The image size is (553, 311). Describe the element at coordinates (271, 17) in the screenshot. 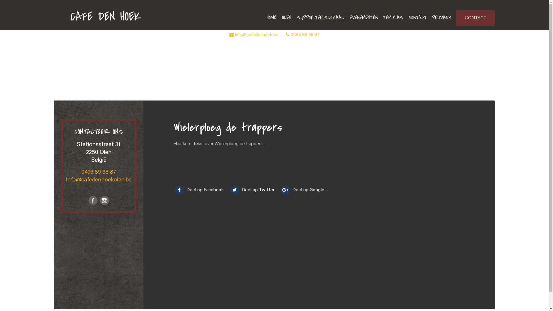

I see `'HOME'` at that location.